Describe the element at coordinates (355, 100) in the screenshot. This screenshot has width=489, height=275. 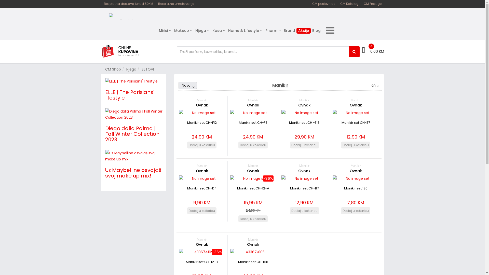
I see `'Manikir'` at that location.